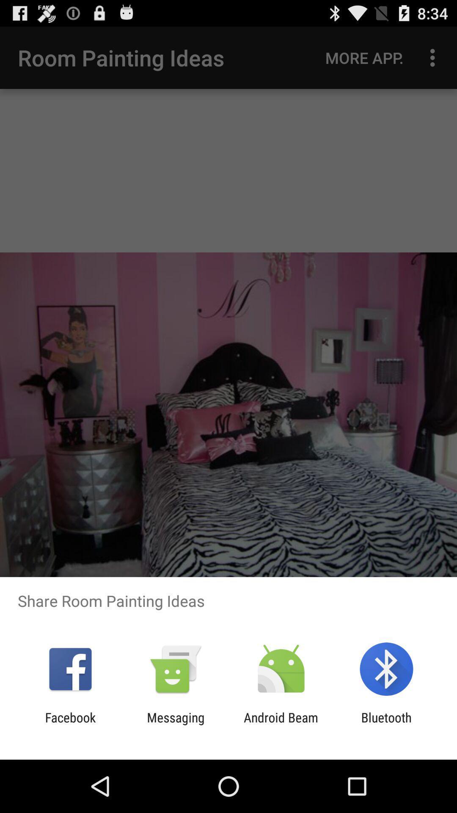 The width and height of the screenshot is (457, 813). Describe the element at coordinates (175, 725) in the screenshot. I see `the app to the right of facebook` at that location.